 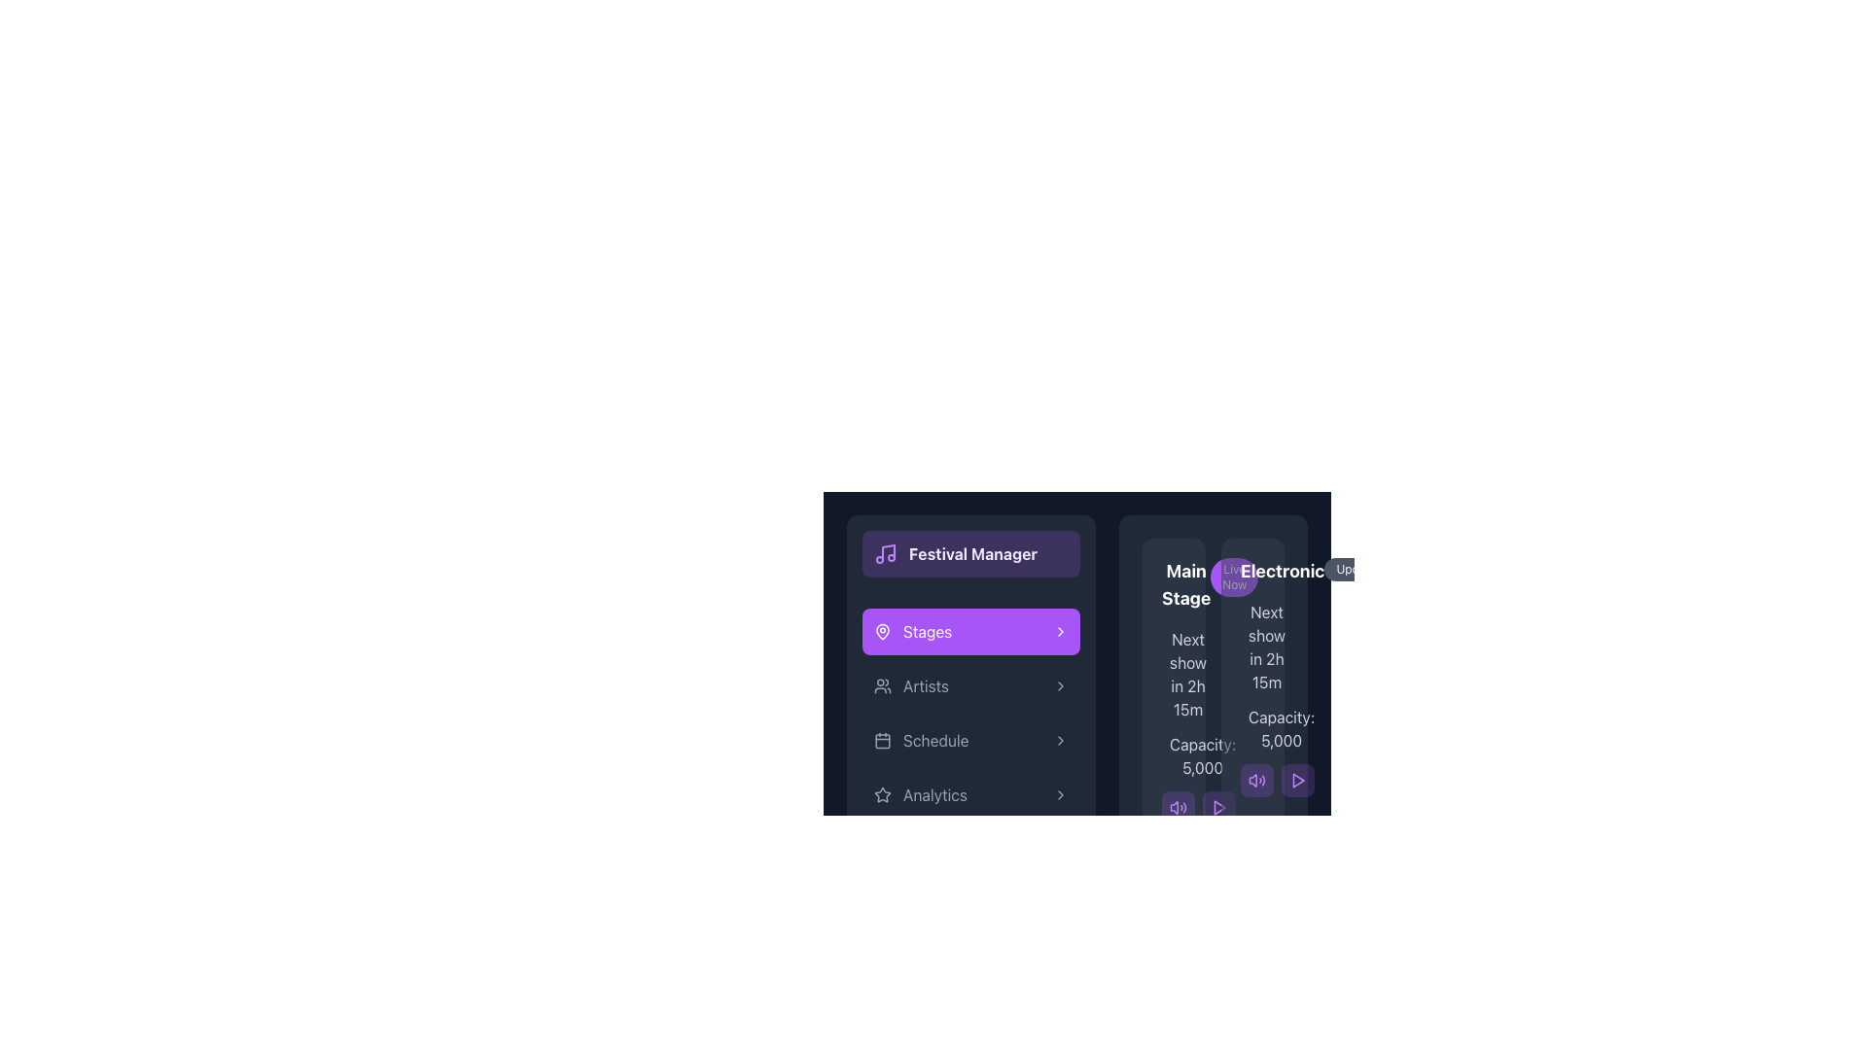 I want to click on the music note icon displayed in a purple shade, located on the left panel at the top left corner of the 'Festival Manager' background, so click(x=885, y=554).